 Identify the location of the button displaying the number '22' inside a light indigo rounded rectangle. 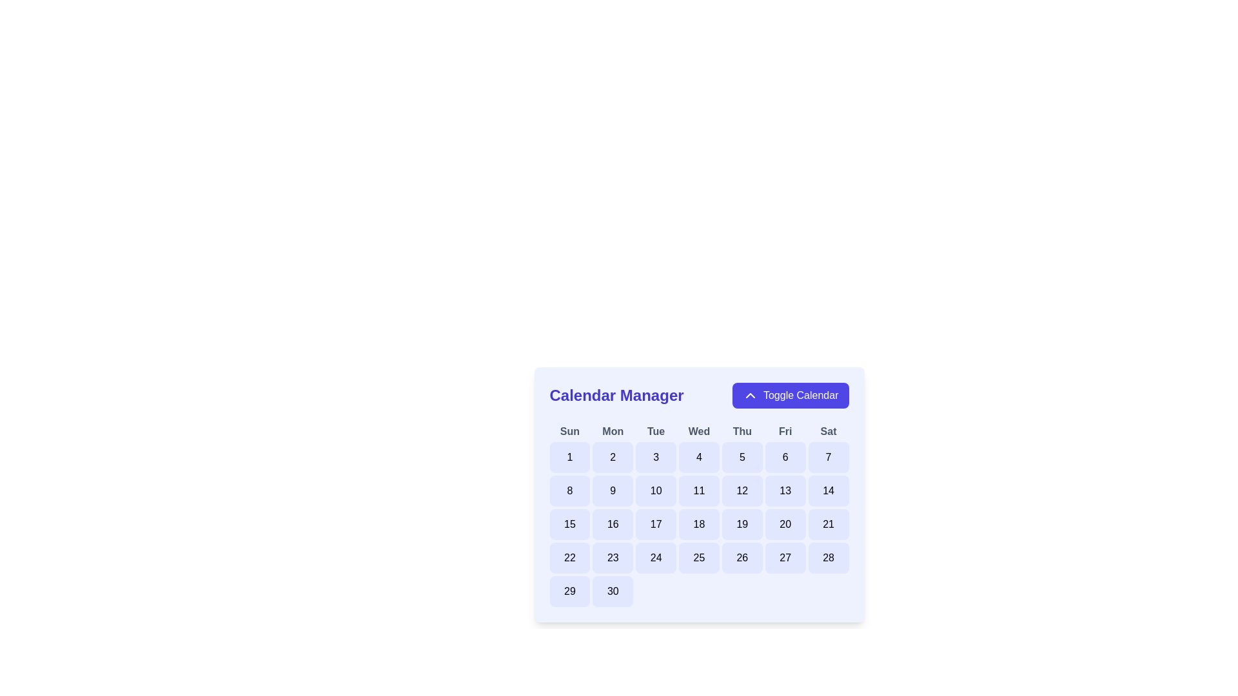
(569, 557).